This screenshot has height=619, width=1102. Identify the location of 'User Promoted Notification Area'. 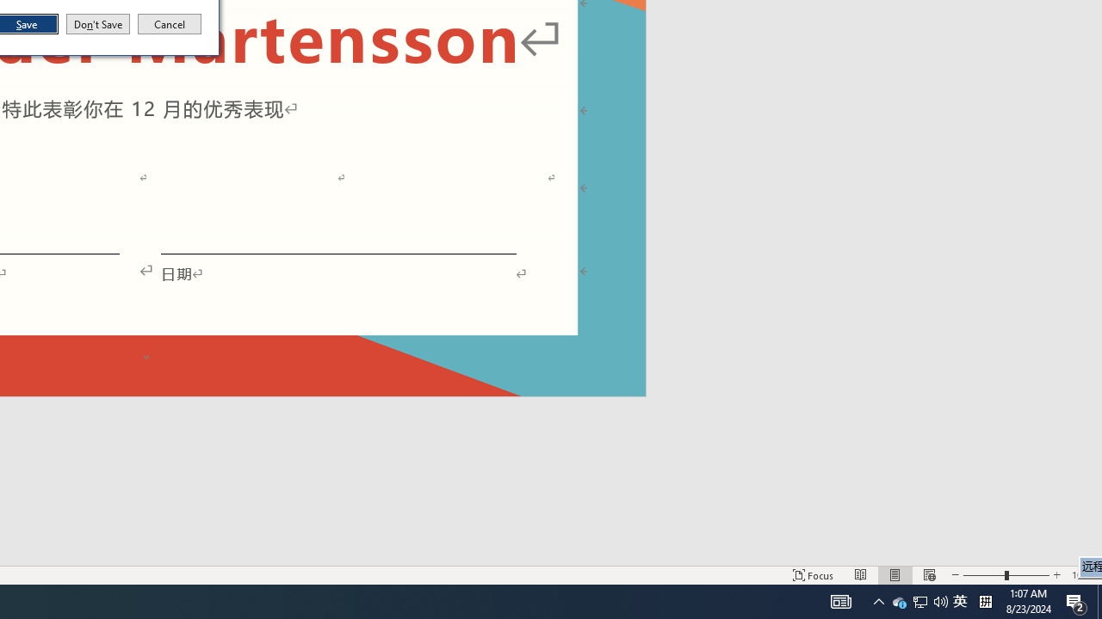
(899, 600).